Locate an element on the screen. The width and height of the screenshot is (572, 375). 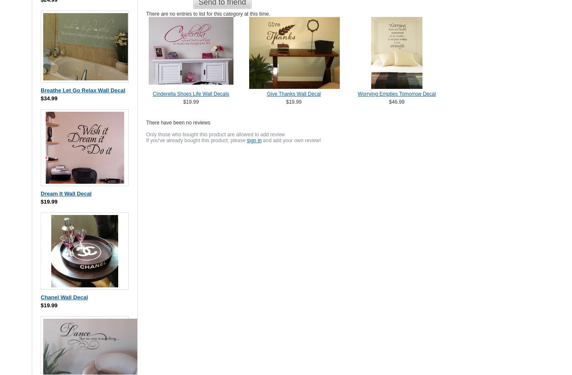
'and add your own review!' is located at coordinates (291, 140).